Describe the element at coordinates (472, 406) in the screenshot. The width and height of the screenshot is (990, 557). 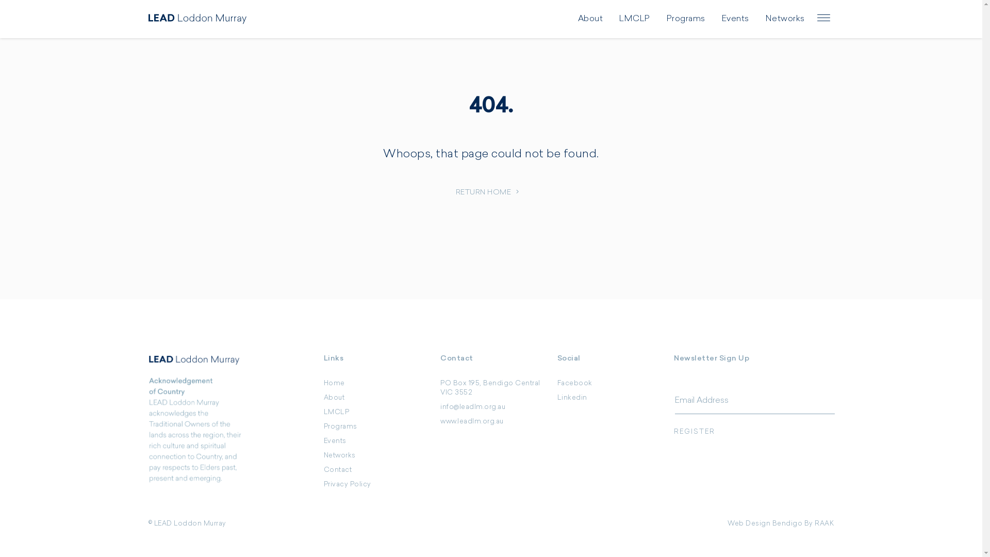
I see `'info@leadlm.org.au'` at that location.